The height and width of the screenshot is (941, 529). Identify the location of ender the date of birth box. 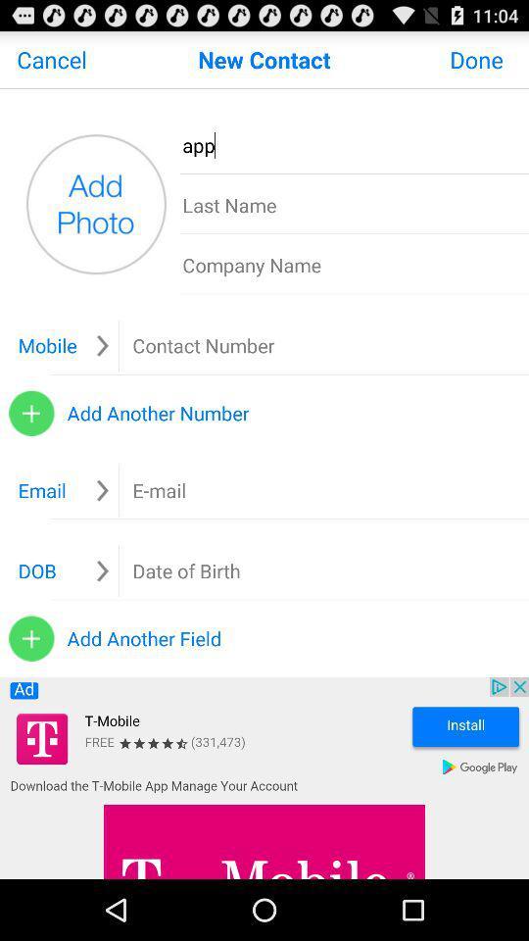
(186, 570).